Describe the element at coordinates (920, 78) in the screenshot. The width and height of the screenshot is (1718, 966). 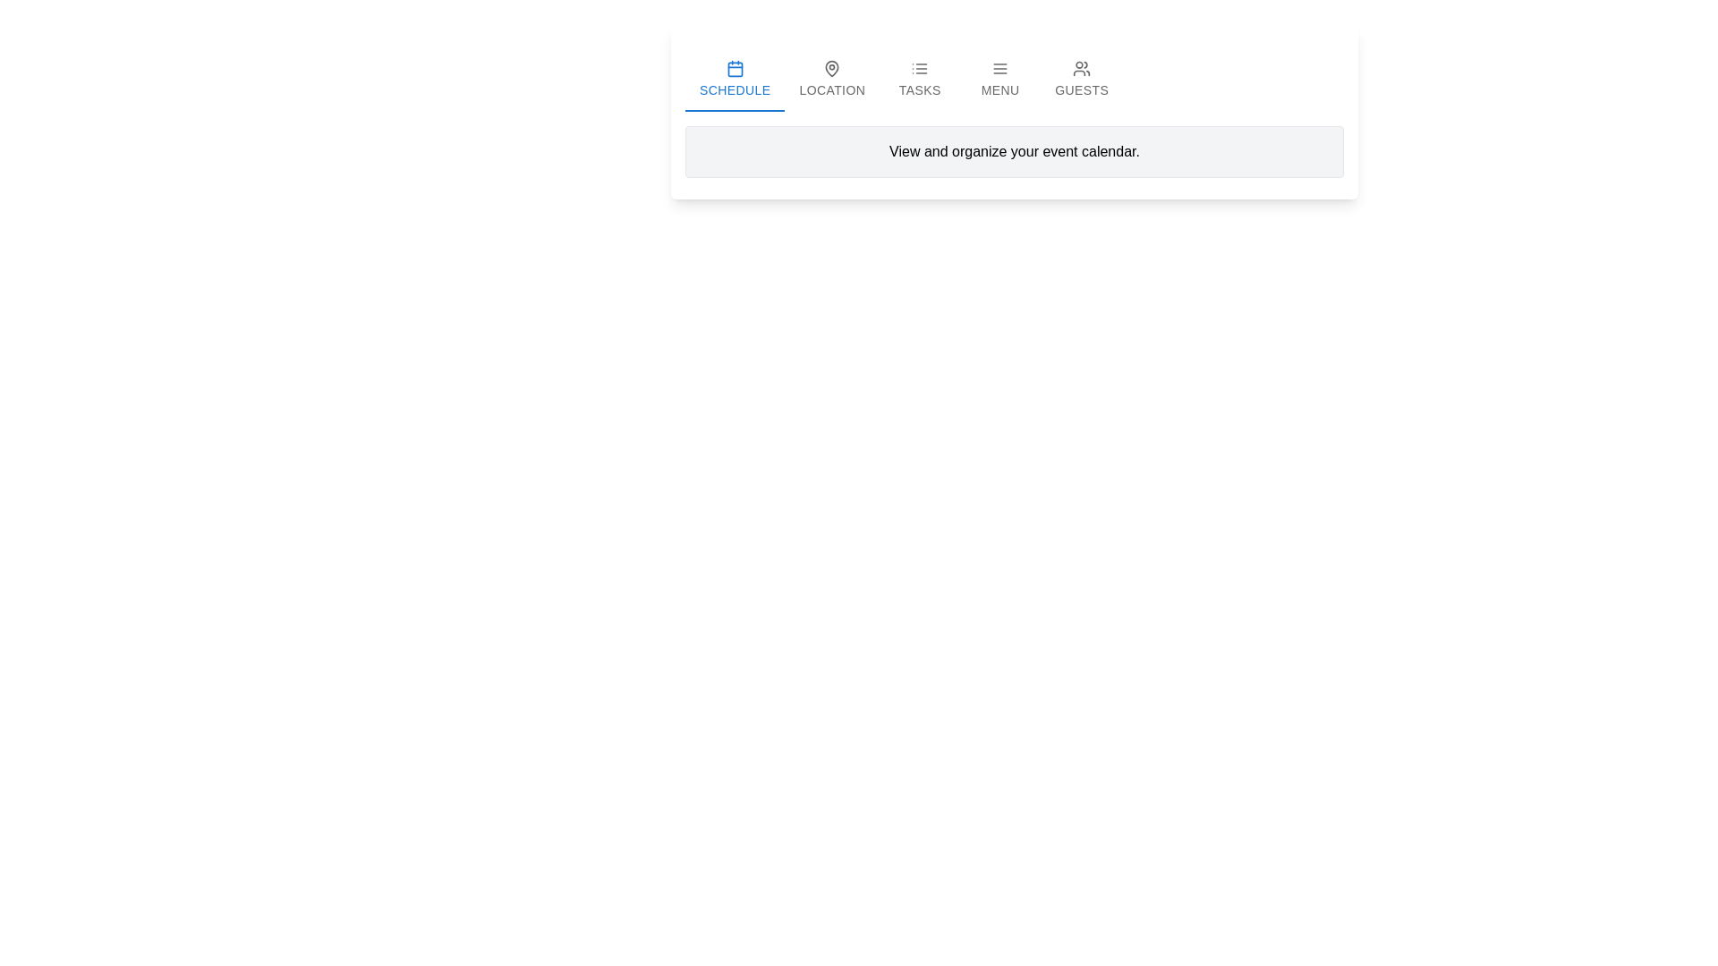
I see `the 'Tasks' tab, which is the third tab in a horizontal tab bar` at that location.